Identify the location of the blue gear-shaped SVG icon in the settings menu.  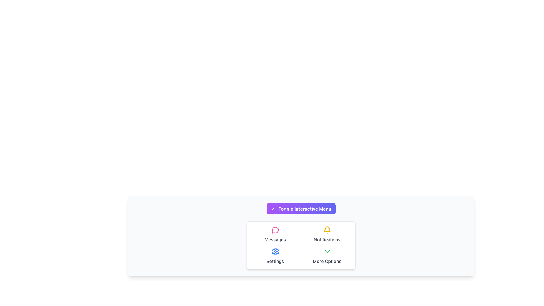
(275, 251).